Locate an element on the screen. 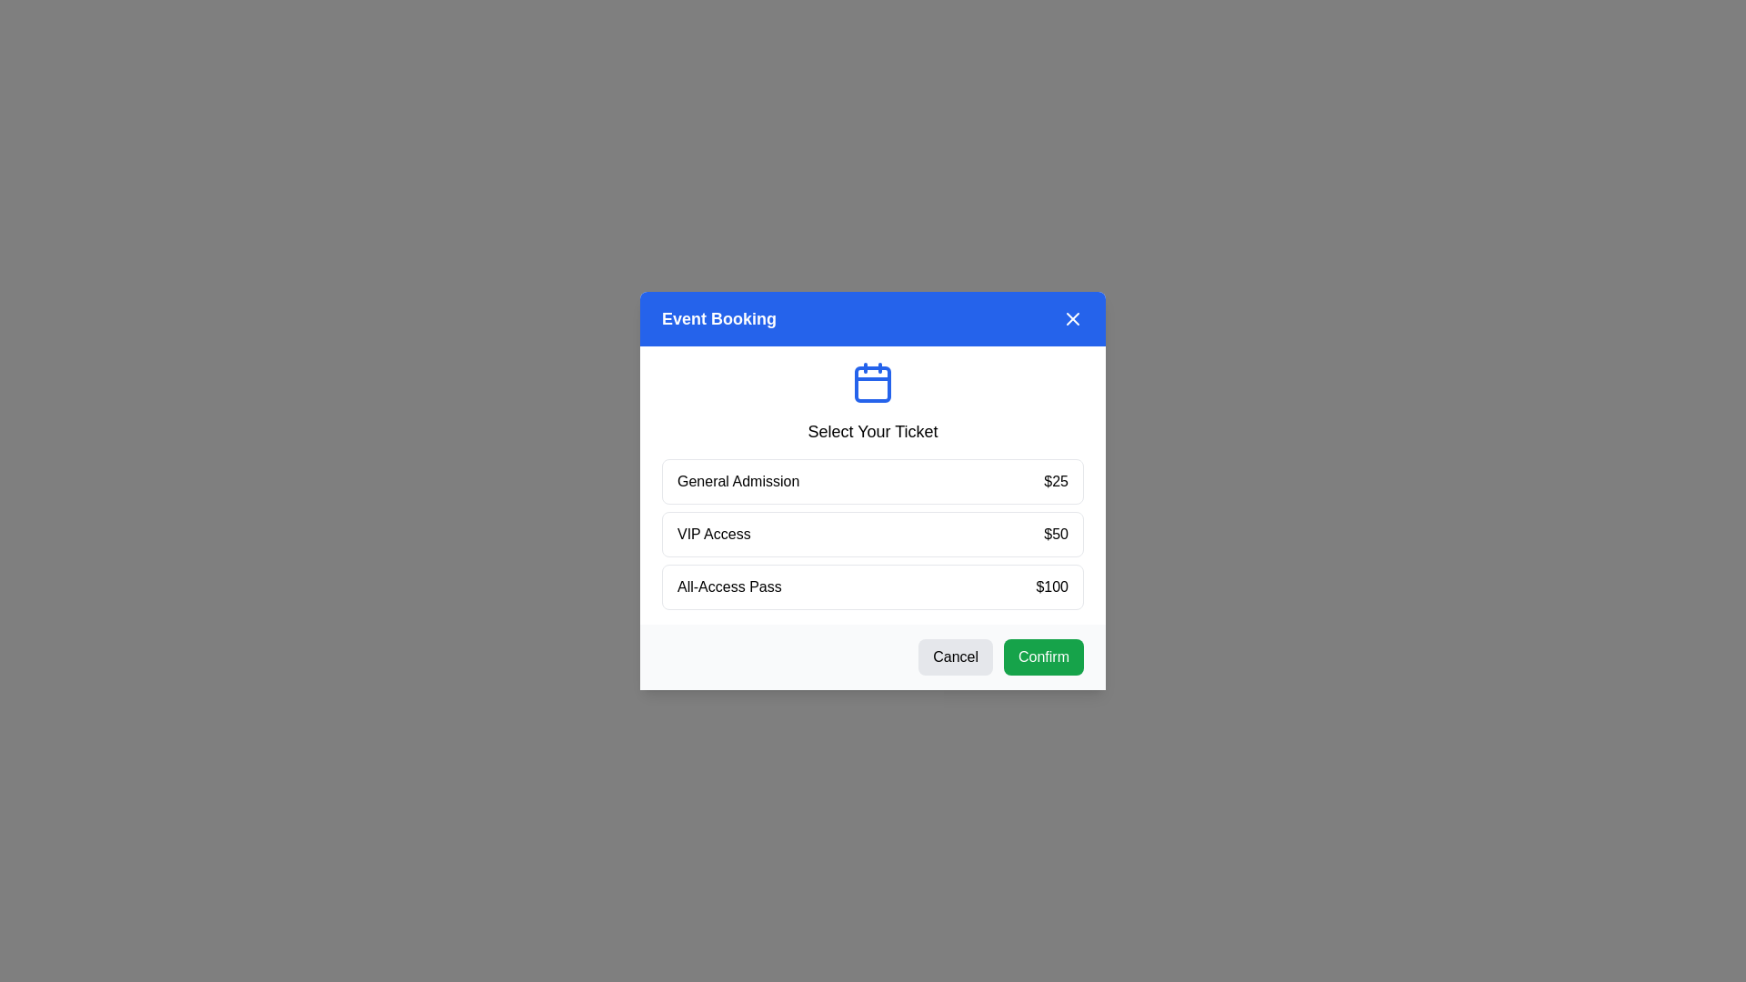 This screenshot has height=982, width=1746. the 'General Admission' selectable ticket category option is located at coordinates (873, 480).